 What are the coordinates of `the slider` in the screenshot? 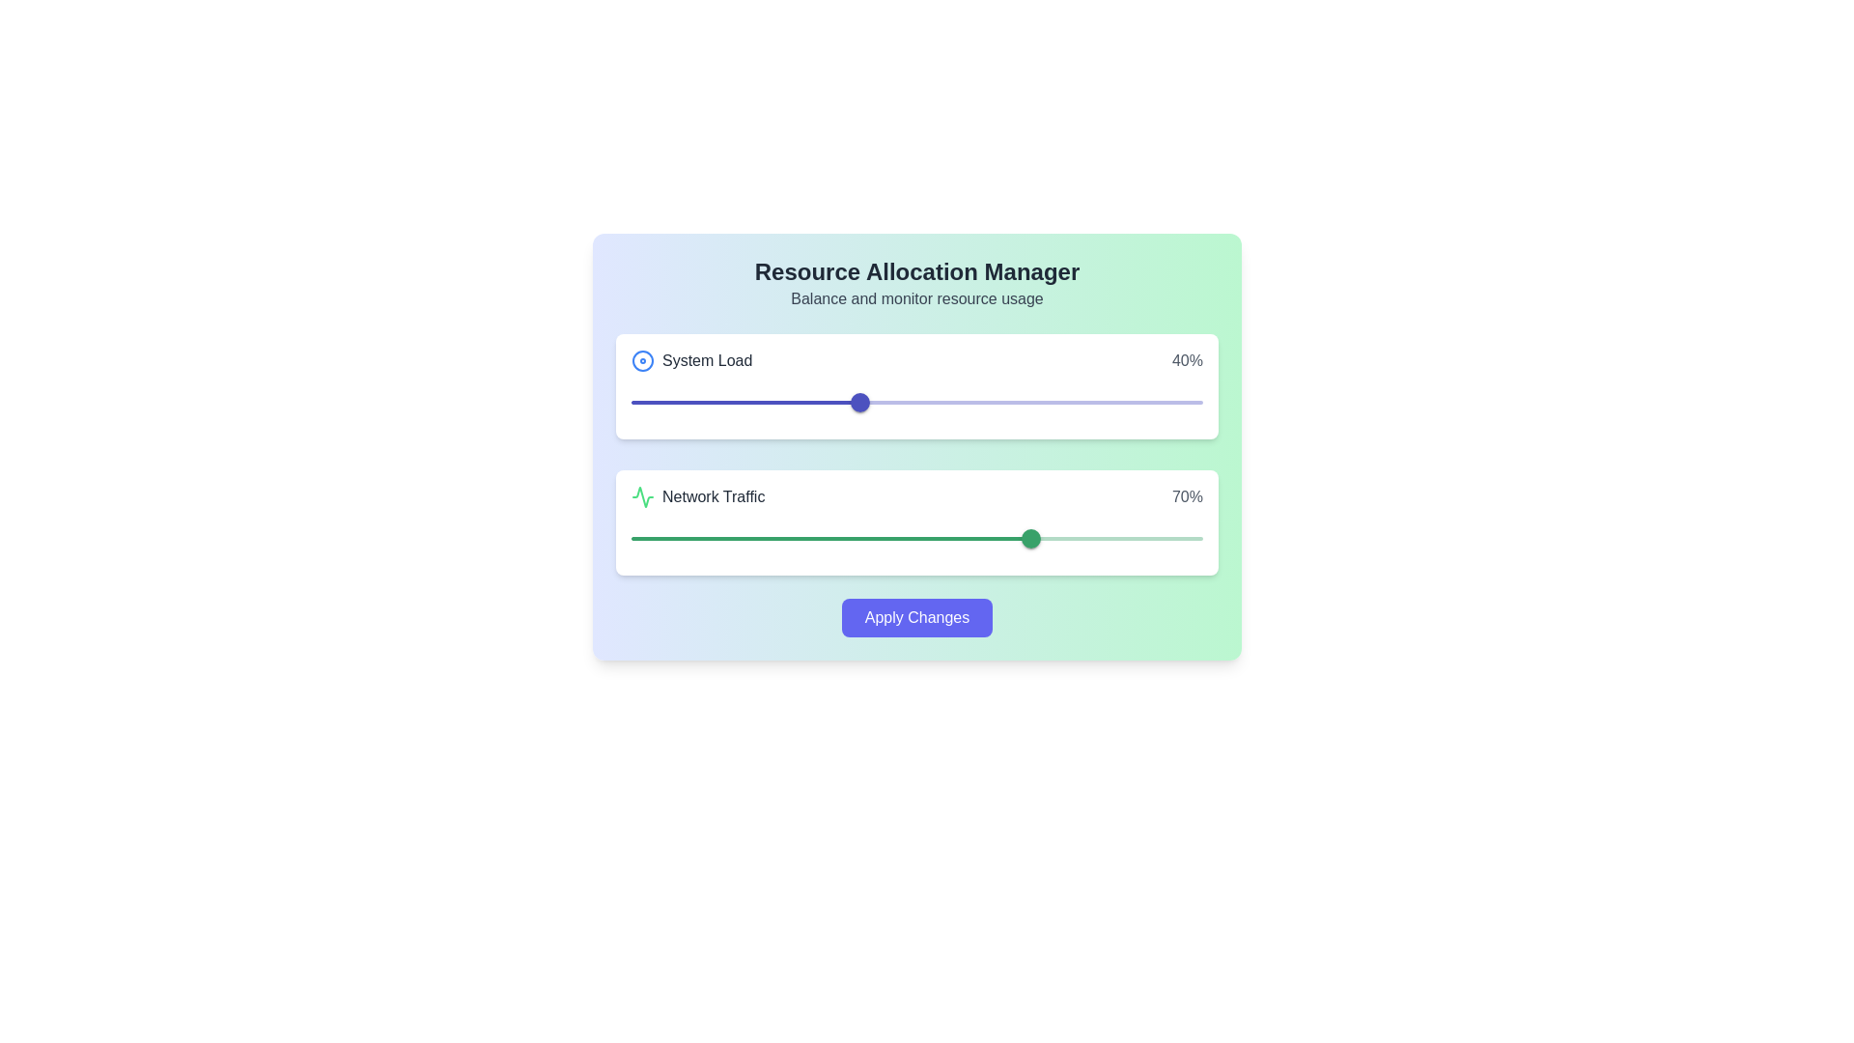 It's located at (1013, 539).